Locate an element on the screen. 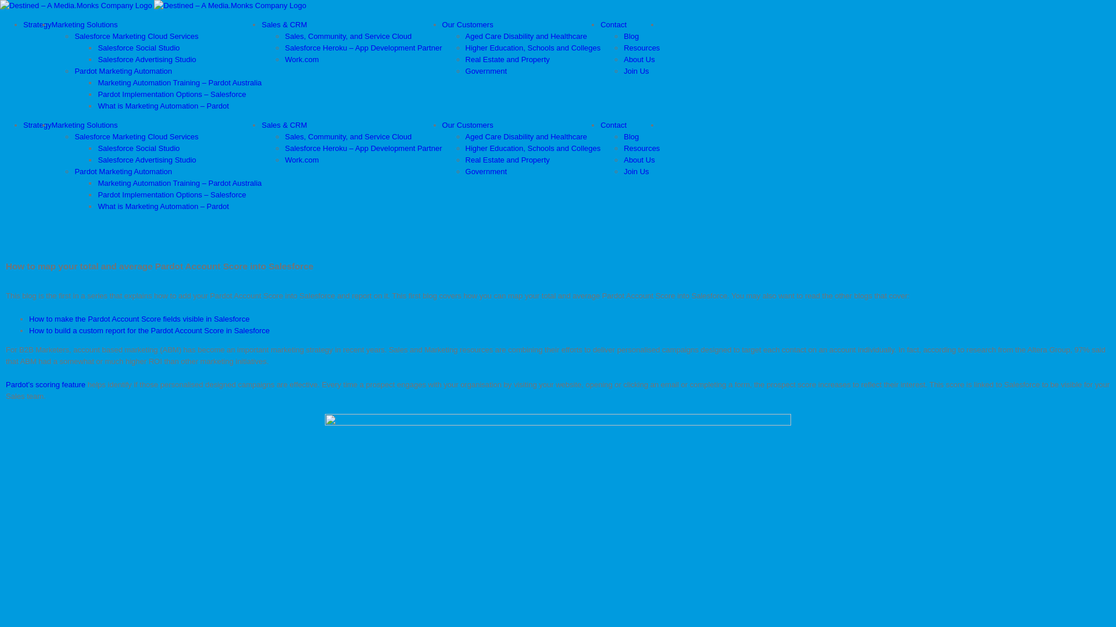 Image resolution: width=1116 pixels, height=627 pixels. 'Pardot Marketing Automation' is located at coordinates (74, 71).